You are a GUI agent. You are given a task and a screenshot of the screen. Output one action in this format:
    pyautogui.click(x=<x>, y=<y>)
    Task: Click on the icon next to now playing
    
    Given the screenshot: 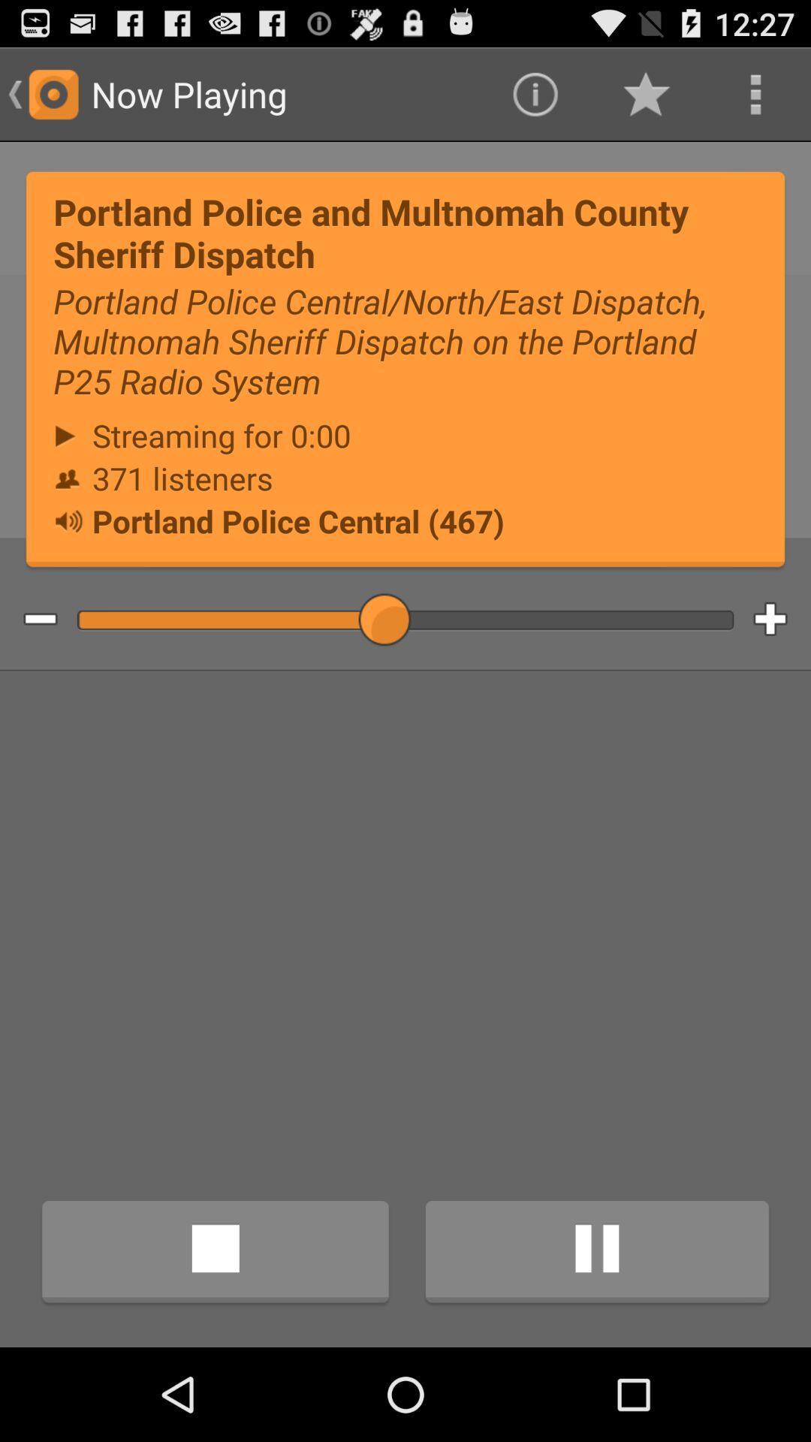 What is the action you would take?
    pyautogui.click(x=534, y=93)
    